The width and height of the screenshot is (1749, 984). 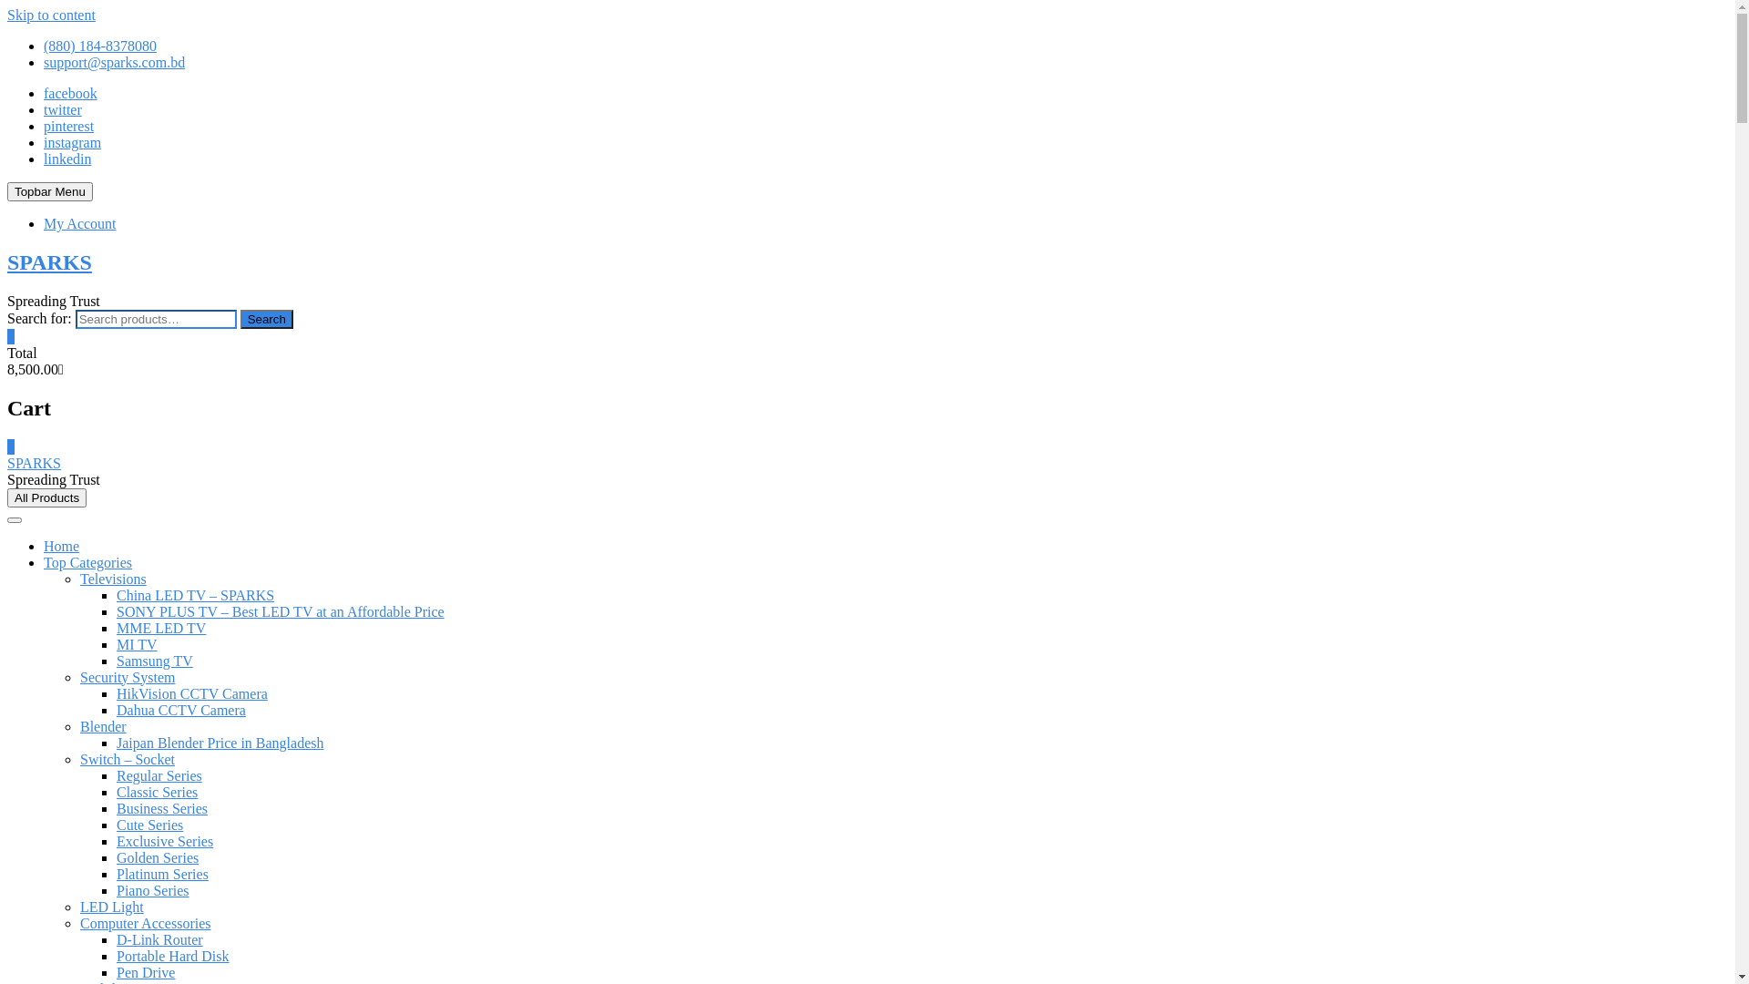 What do you see at coordinates (149, 825) in the screenshot?
I see `'Cute Series'` at bounding box center [149, 825].